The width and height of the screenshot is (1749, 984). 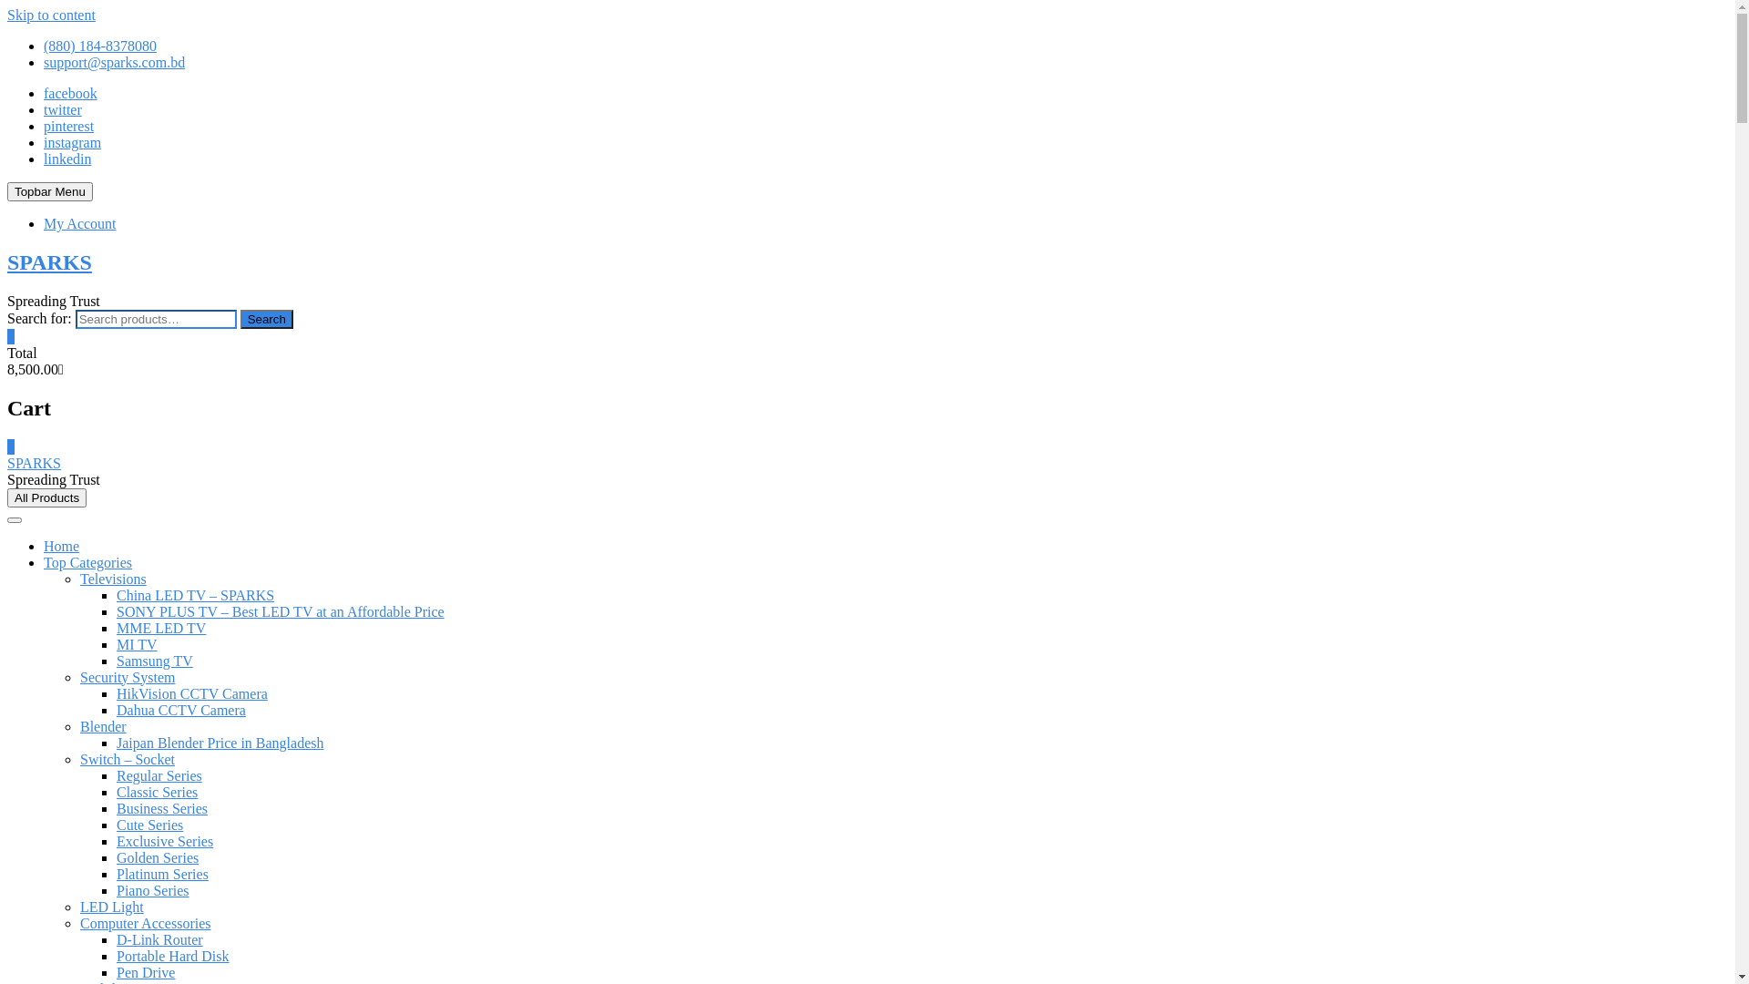 What do you see at coordinates (149, 825) in the screenshot?
I see `'Cute Series'` at bounding box center [149, 825].